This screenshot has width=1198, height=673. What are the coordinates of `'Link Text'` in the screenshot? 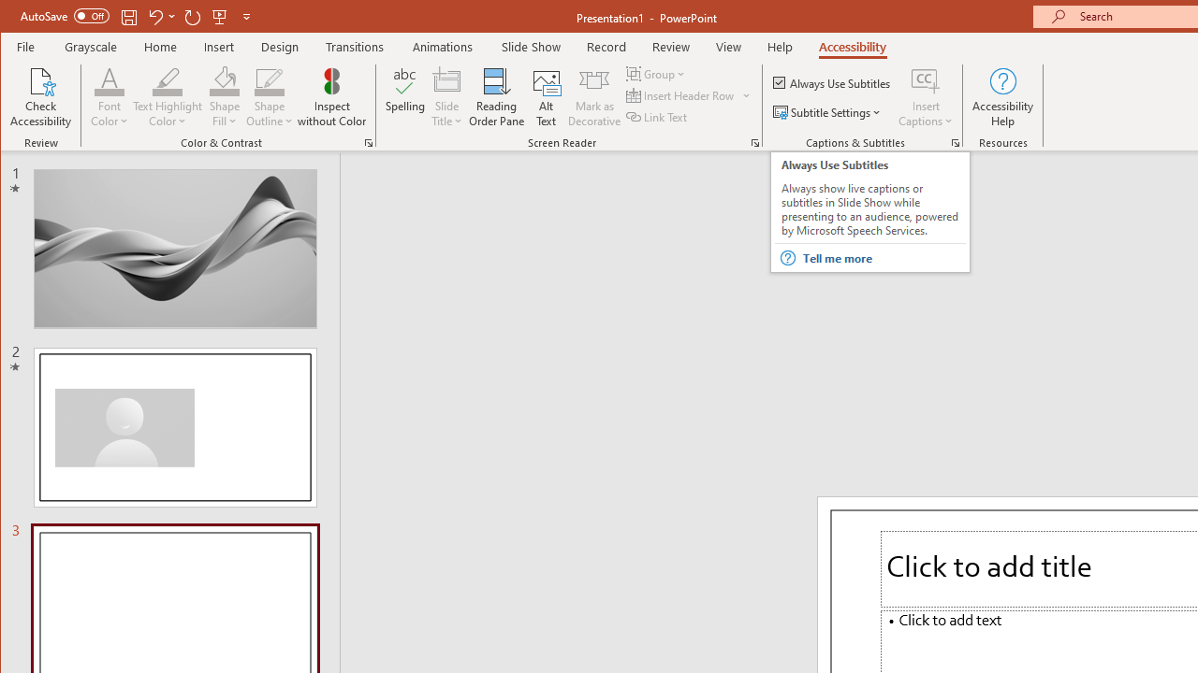 It's located at (658, 117).